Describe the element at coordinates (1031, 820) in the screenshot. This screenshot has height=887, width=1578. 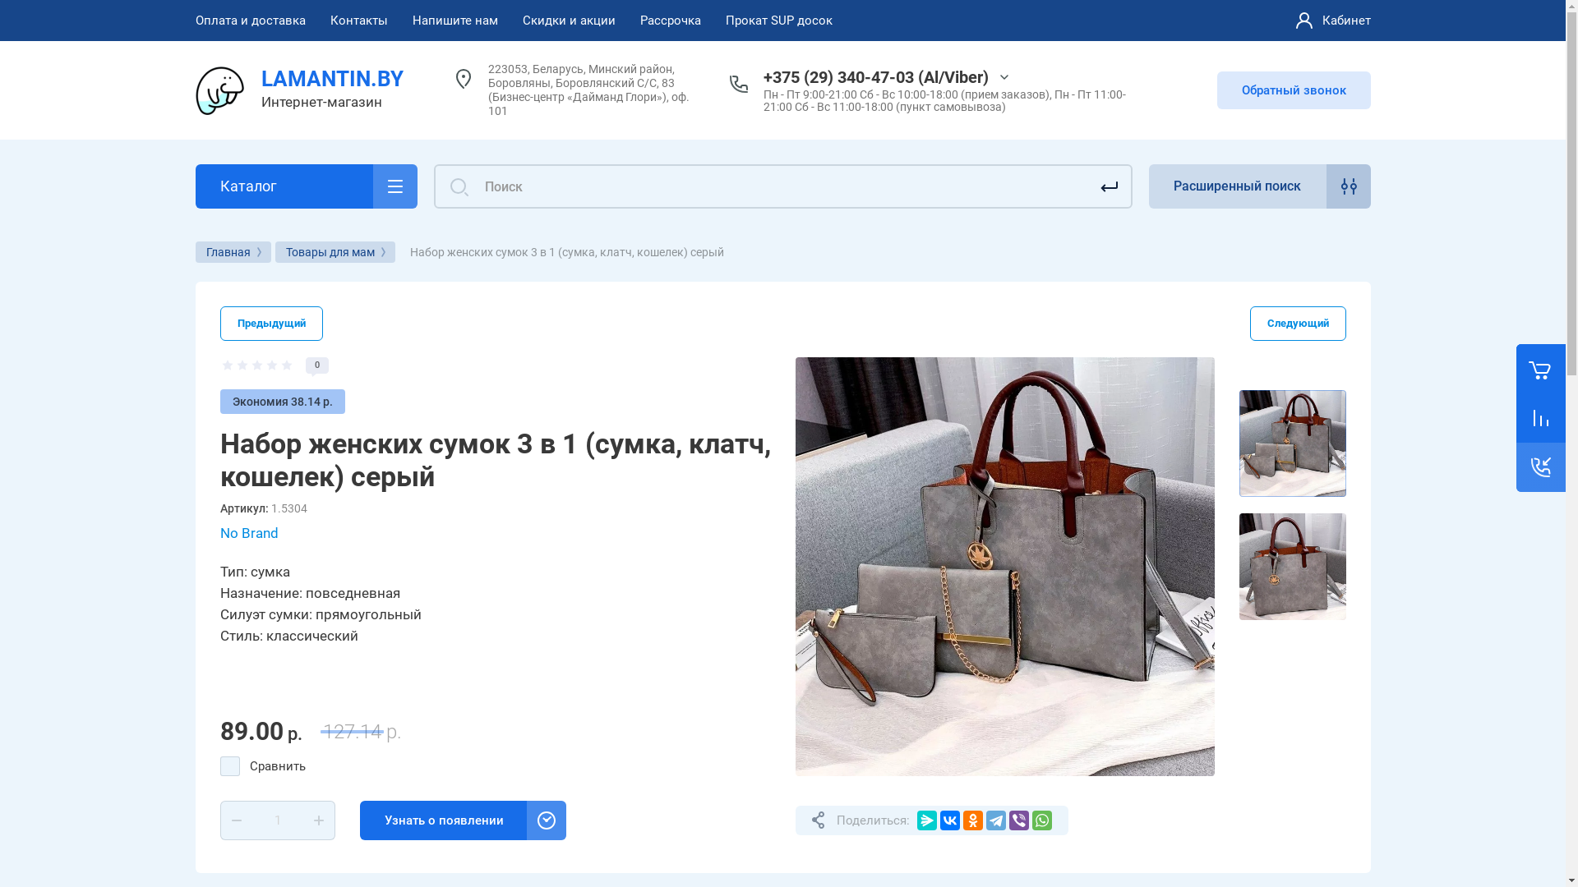
I see `'WhatsApp'` at that location.